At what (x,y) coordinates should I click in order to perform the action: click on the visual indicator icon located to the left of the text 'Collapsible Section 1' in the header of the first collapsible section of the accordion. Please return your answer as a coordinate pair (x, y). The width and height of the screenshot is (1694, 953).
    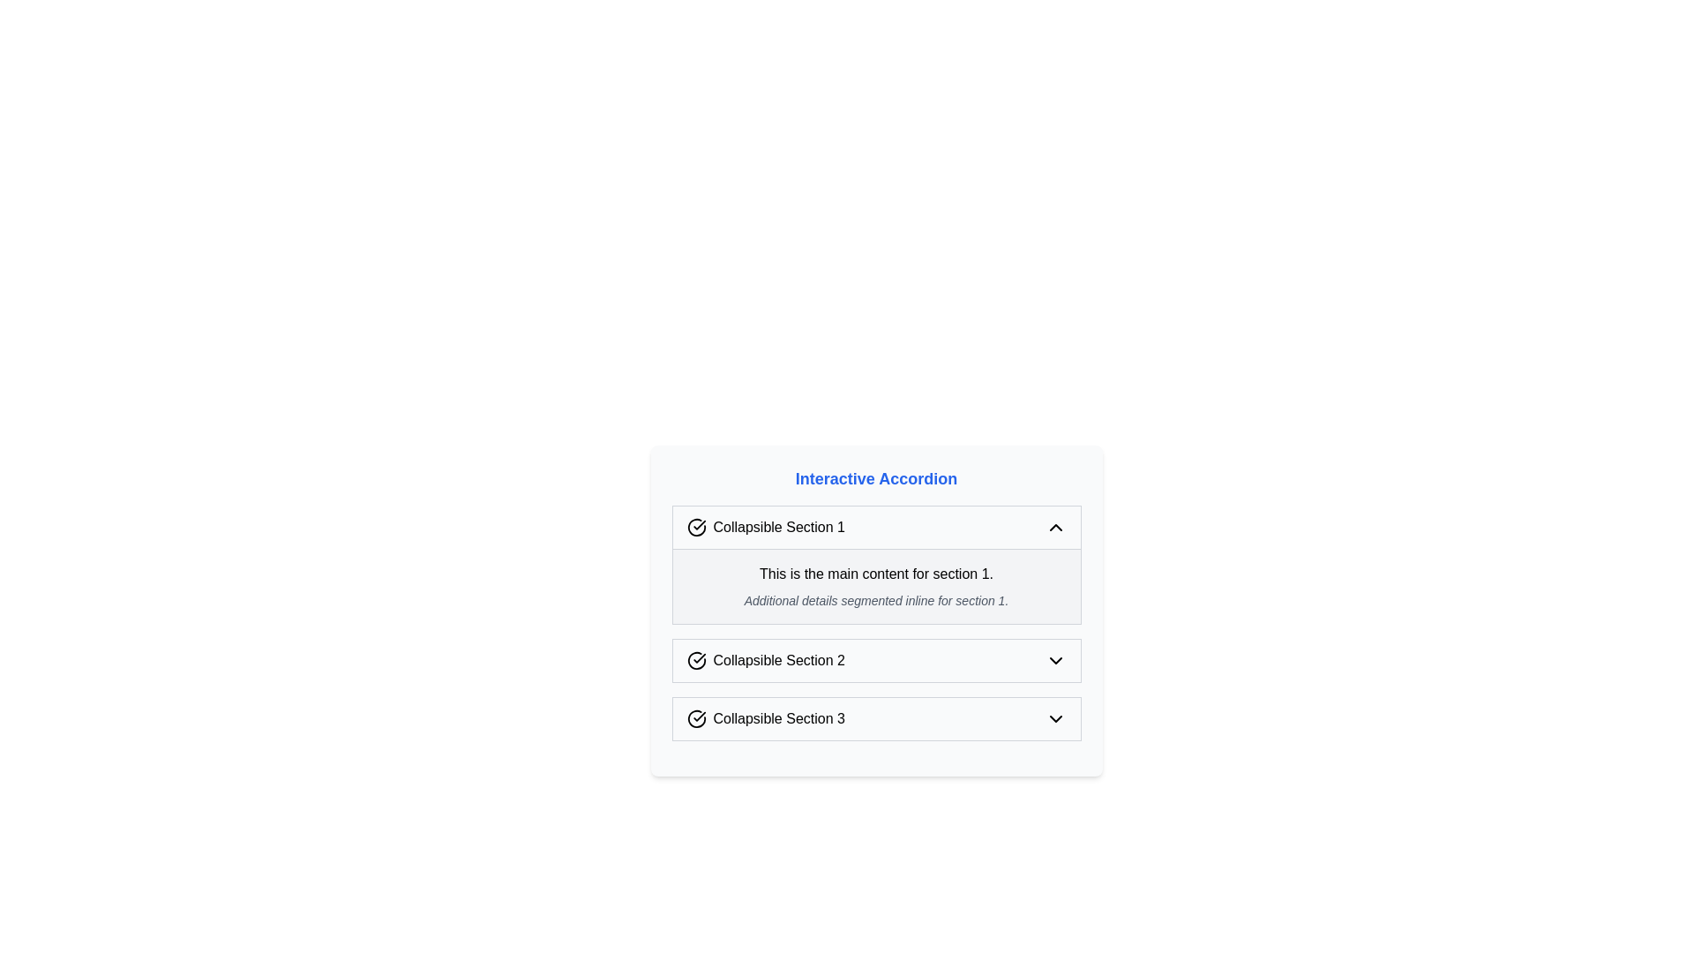
    Looking at the image, I should click on (695, 526).